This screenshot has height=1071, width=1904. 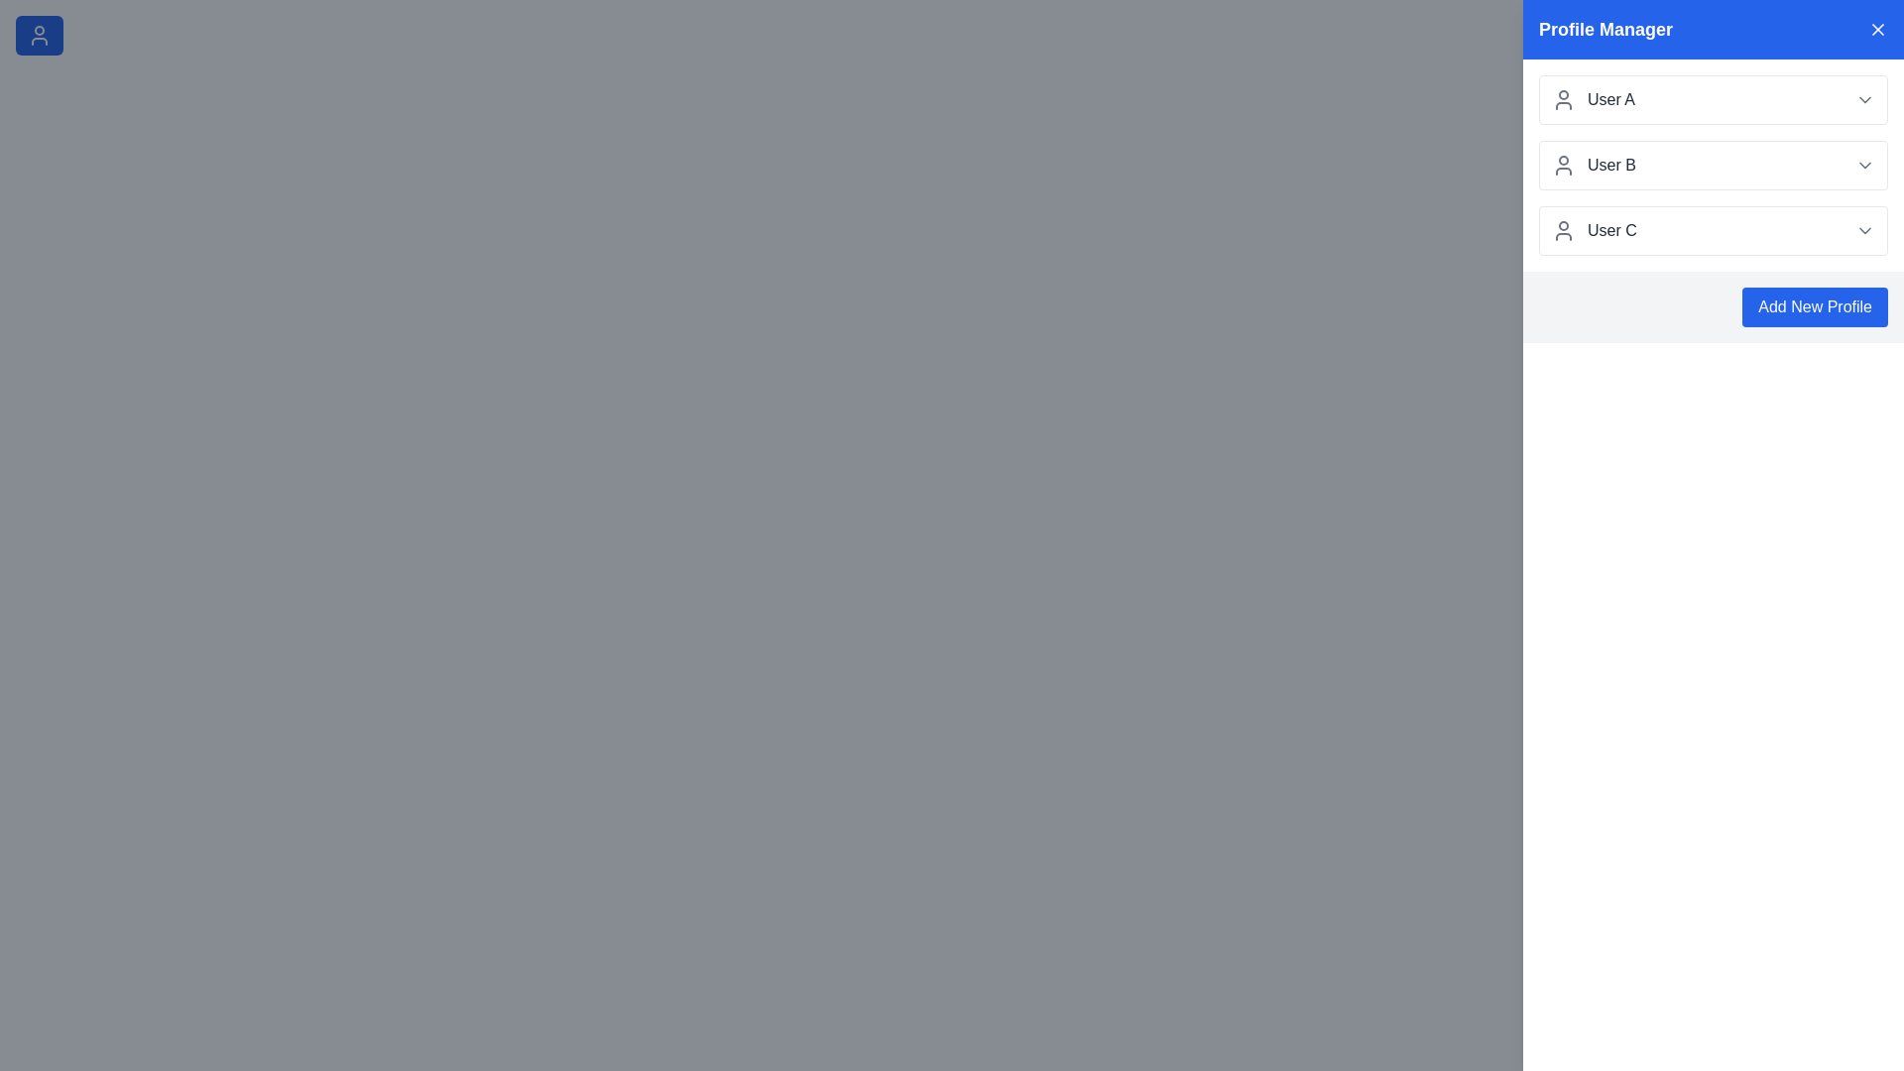 What do you see at coordinates (1563, 99) in the screenshot?
I see `the user icon element, which is a gray icon representing a user, located to the left of the text label 'User A' in the Profile Manager list` at bounding box center [1563, 99].